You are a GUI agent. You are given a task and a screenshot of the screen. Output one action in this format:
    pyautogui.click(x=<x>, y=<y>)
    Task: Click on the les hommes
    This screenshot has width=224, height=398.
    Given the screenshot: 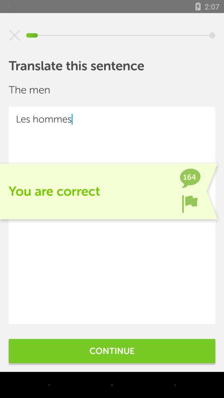 What is the action you would take?
    pyautogui.click(x=112, y=215)
    